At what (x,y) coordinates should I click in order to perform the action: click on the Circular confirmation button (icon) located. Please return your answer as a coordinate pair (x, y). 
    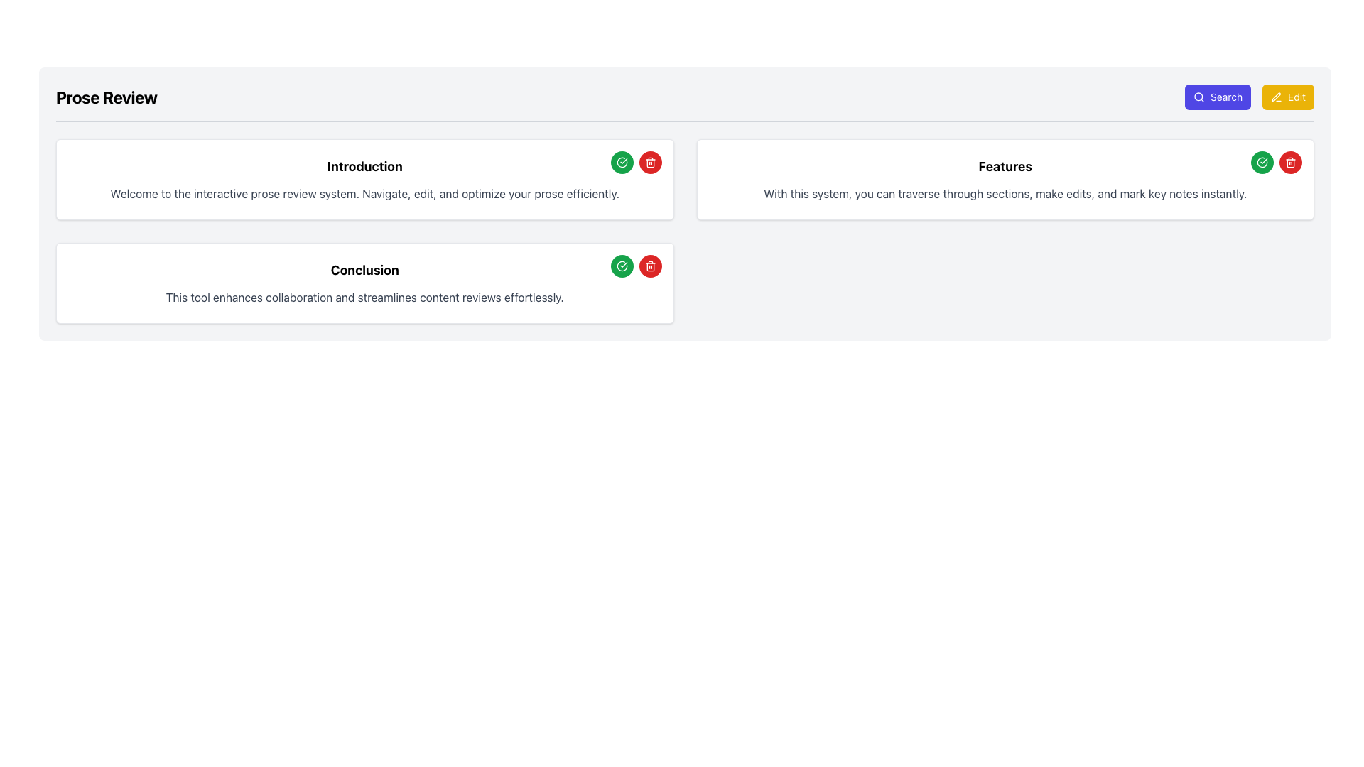
    Looking at the image, I should click on (1262, 161).